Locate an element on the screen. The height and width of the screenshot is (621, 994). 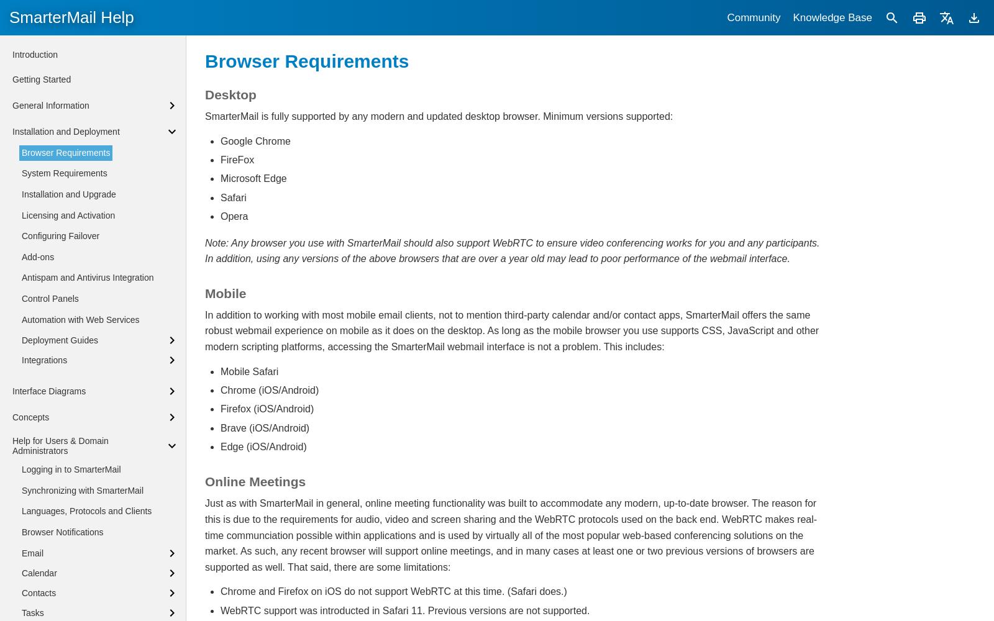
'Email' is located at coordinates (32, 553).